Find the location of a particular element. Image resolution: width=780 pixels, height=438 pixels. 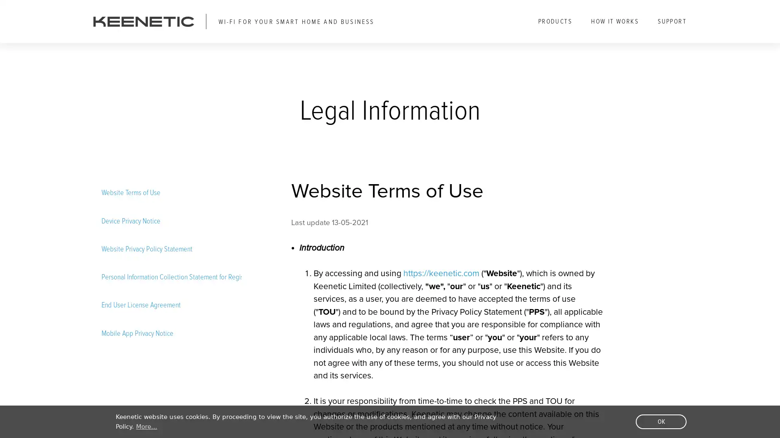

learn more about cookies is located at coordinates (146, 426).